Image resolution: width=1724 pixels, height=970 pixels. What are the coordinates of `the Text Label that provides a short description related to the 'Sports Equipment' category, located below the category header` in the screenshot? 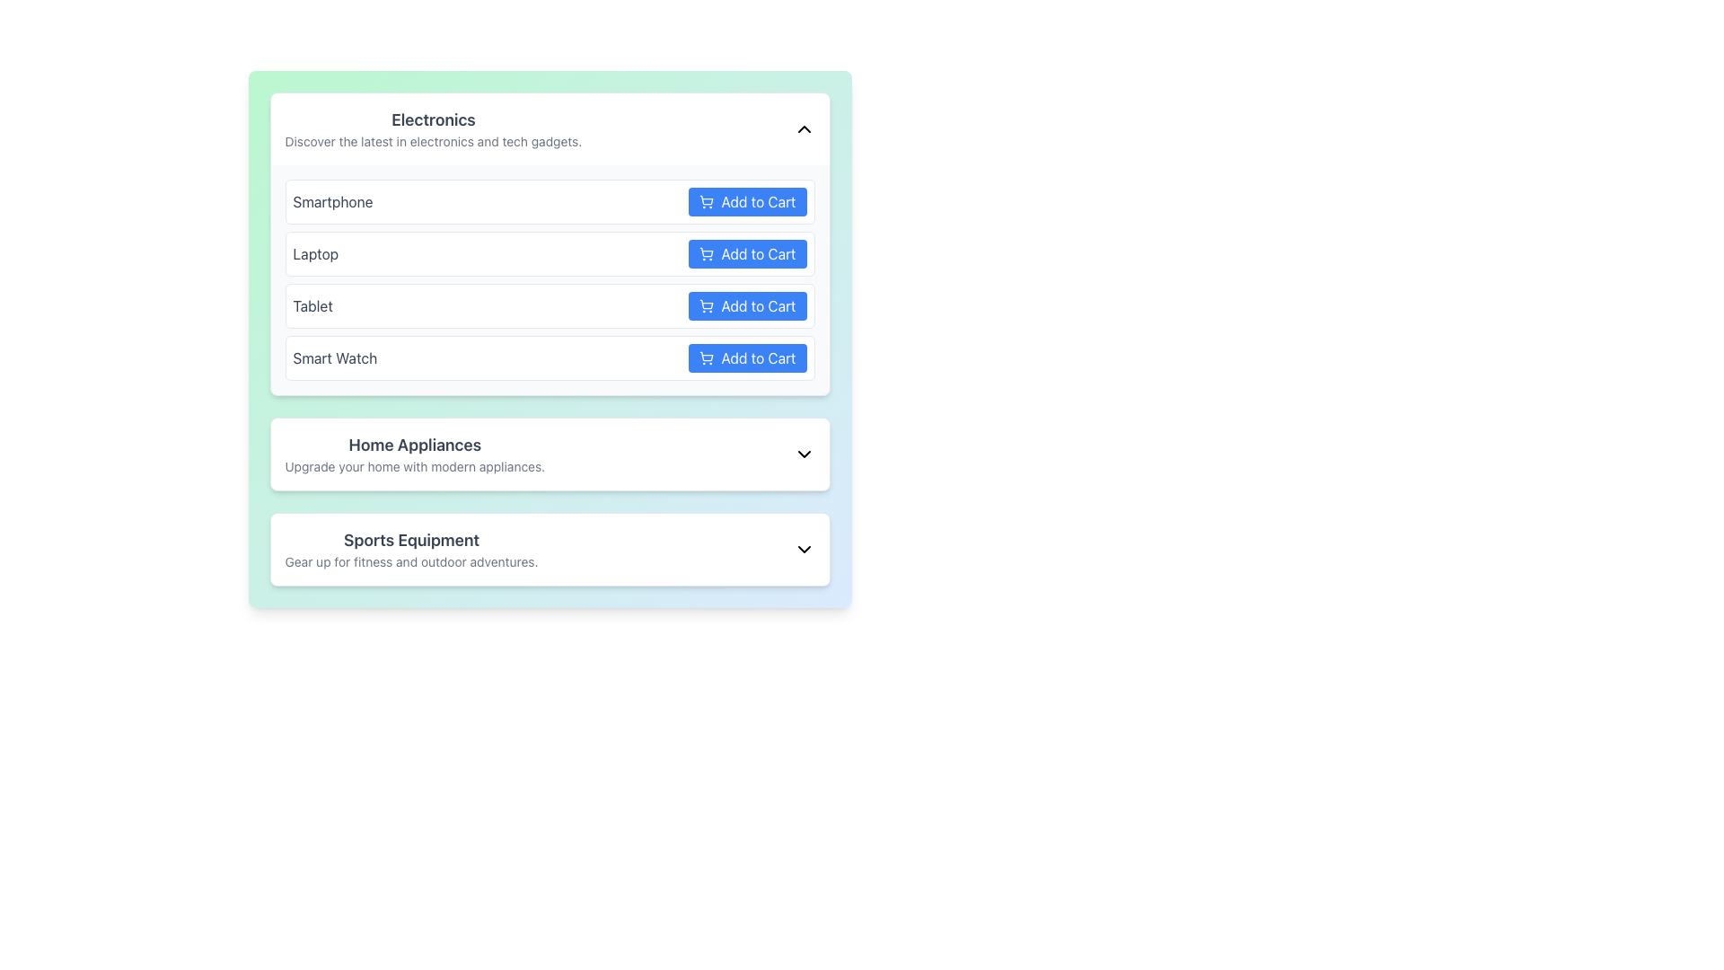 It's located at (410, 560).